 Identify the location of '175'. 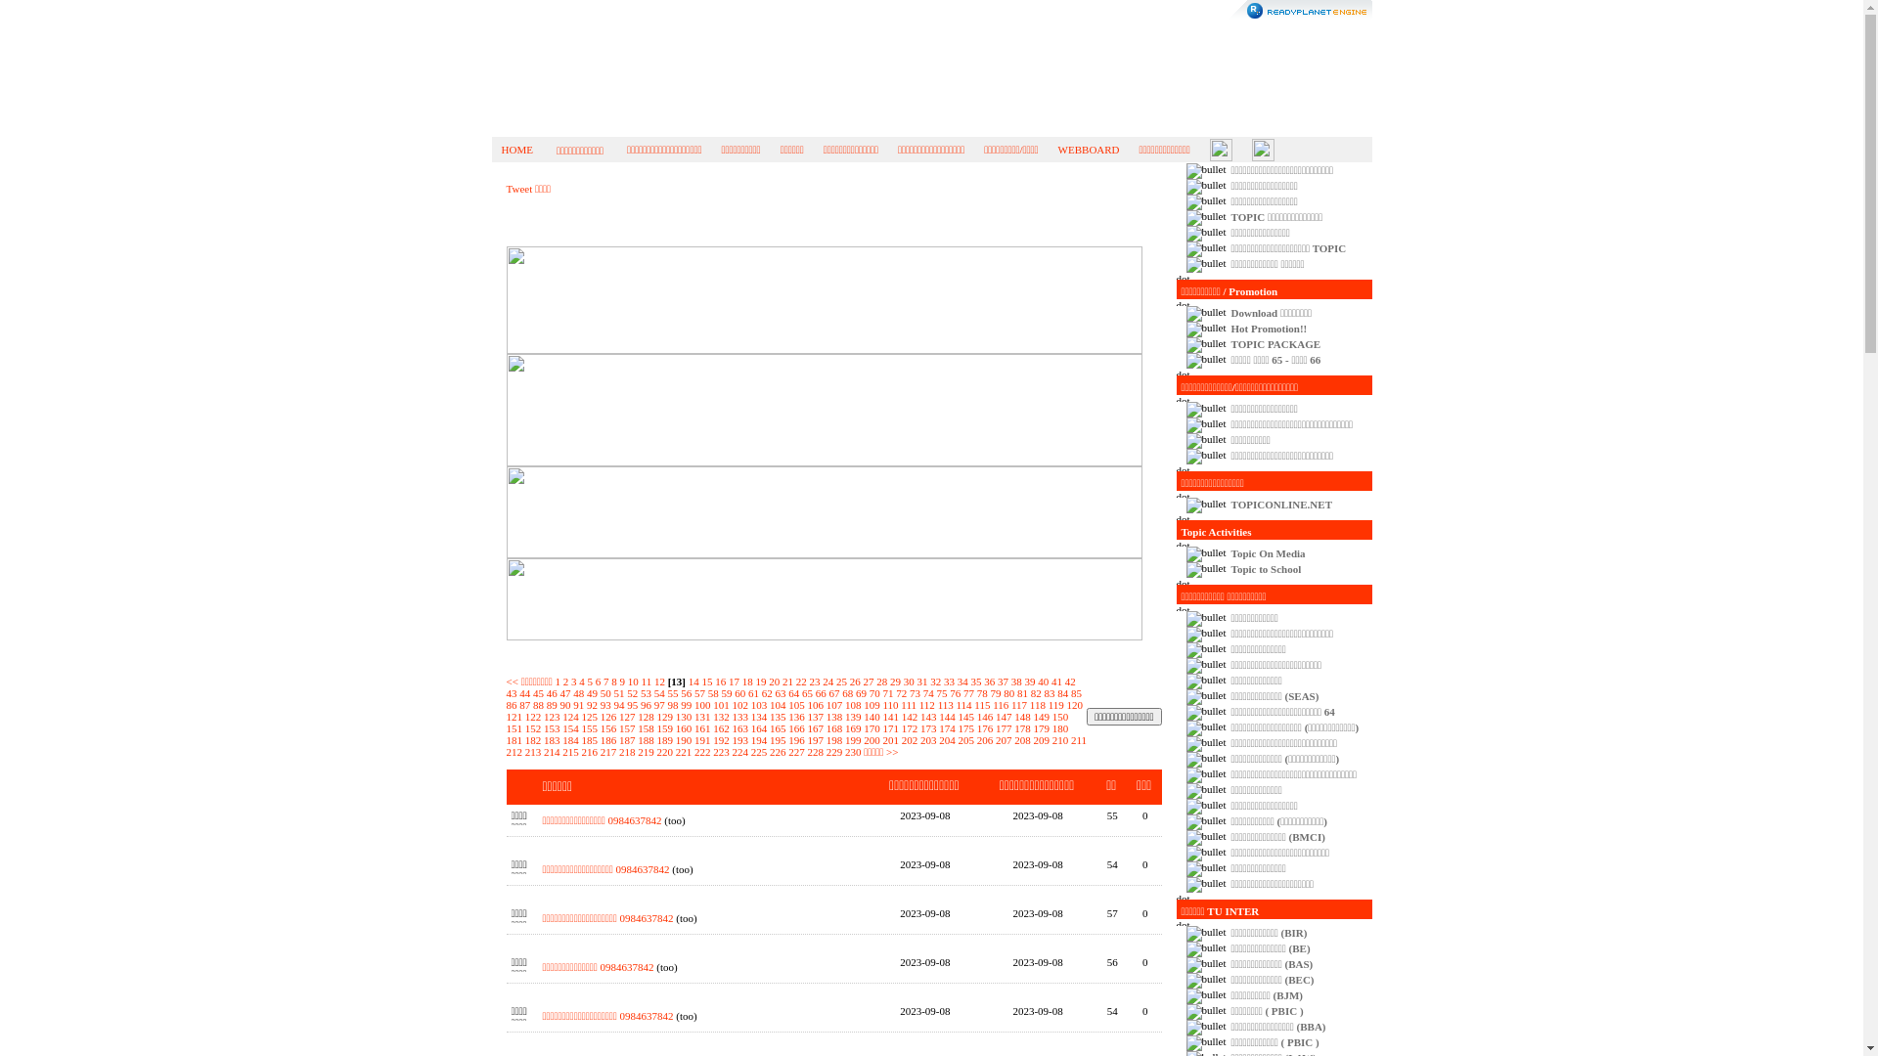
(966, 727).